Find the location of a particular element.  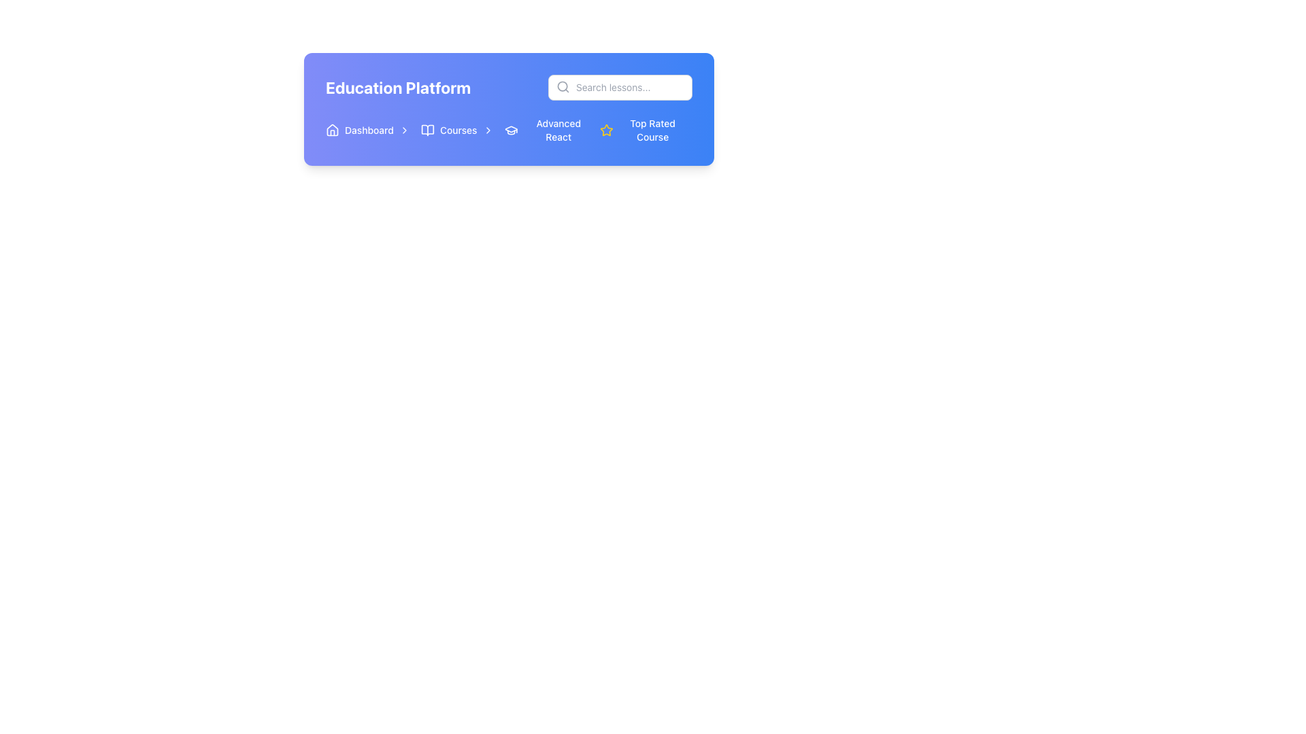

the Static Text element that serves as the title for the 'Education Platform' section, located at the leftmost side of the header is located at coordinates (397, 87).